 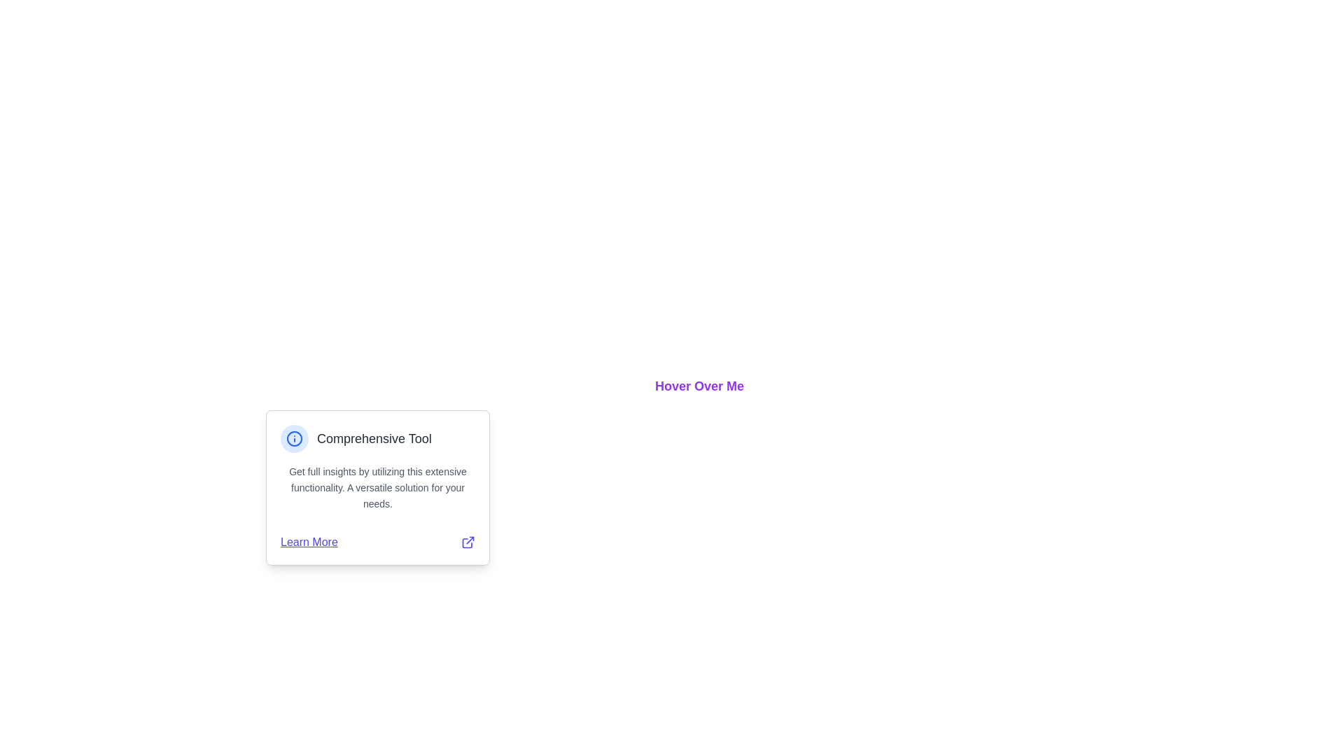 What do you see at coordinates (294, 438) in the screenshot?
I see `the circular icon with a light blue background and a white 'i' symbol, which is located to the left of the 'Comprehensive Tool' text label in the card's top-left corner` at bounding box center [294, 438].